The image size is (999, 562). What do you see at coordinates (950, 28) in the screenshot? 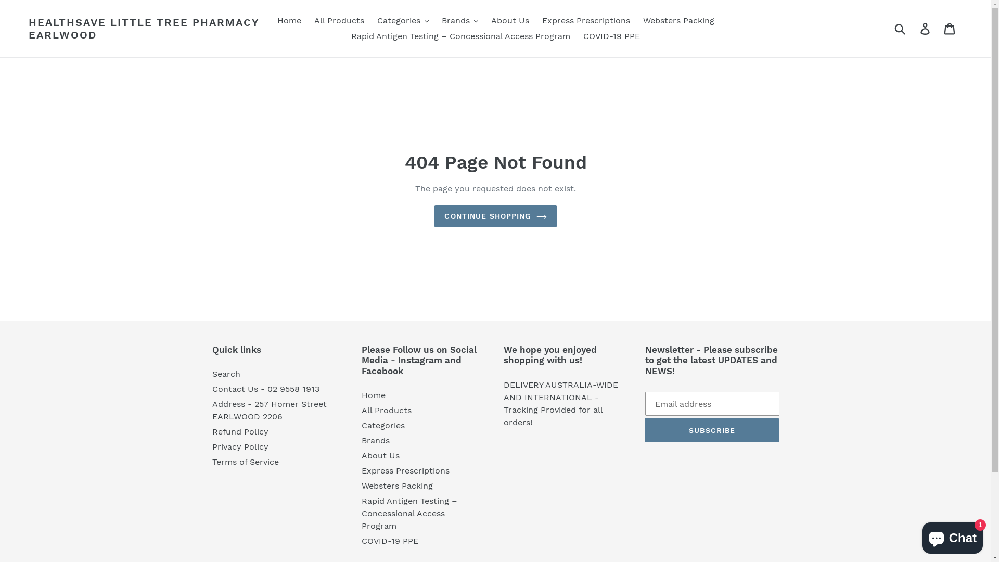
I see `'Cart'` at bounding box center [950, 28].